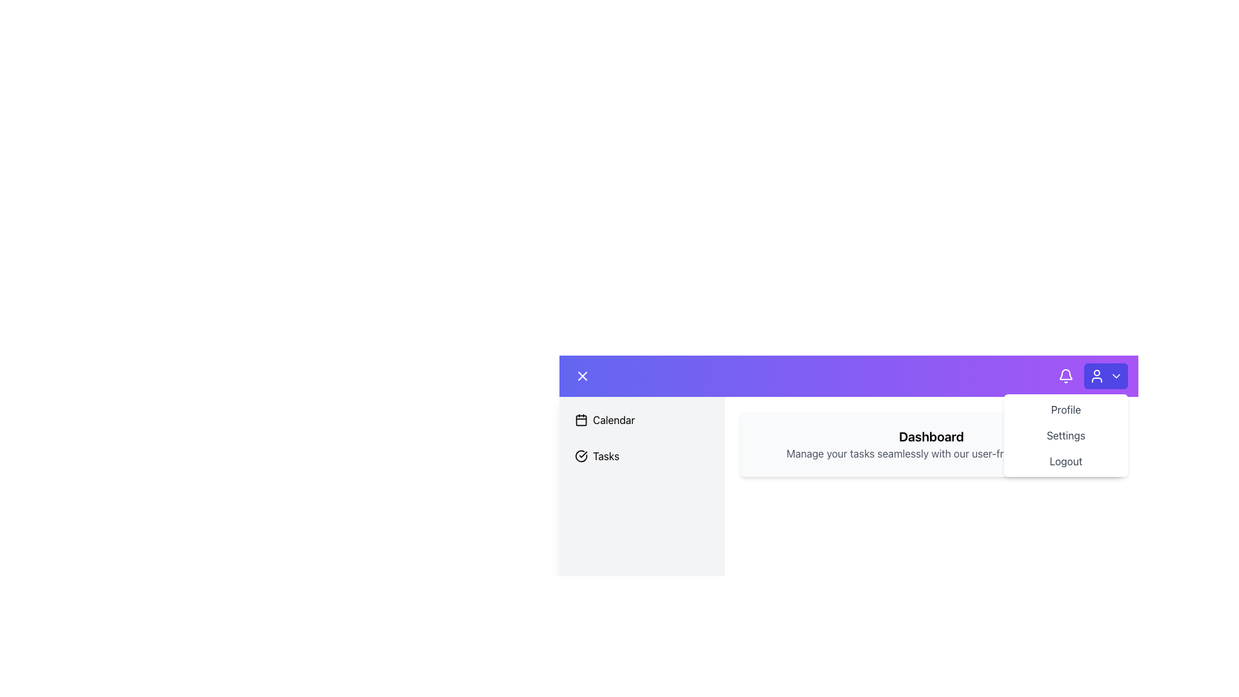  I want to click on the checkmark icon inside a circle, which is located to the left of the word 'Tasks' in the left sidebar menu, so click(581, 455).